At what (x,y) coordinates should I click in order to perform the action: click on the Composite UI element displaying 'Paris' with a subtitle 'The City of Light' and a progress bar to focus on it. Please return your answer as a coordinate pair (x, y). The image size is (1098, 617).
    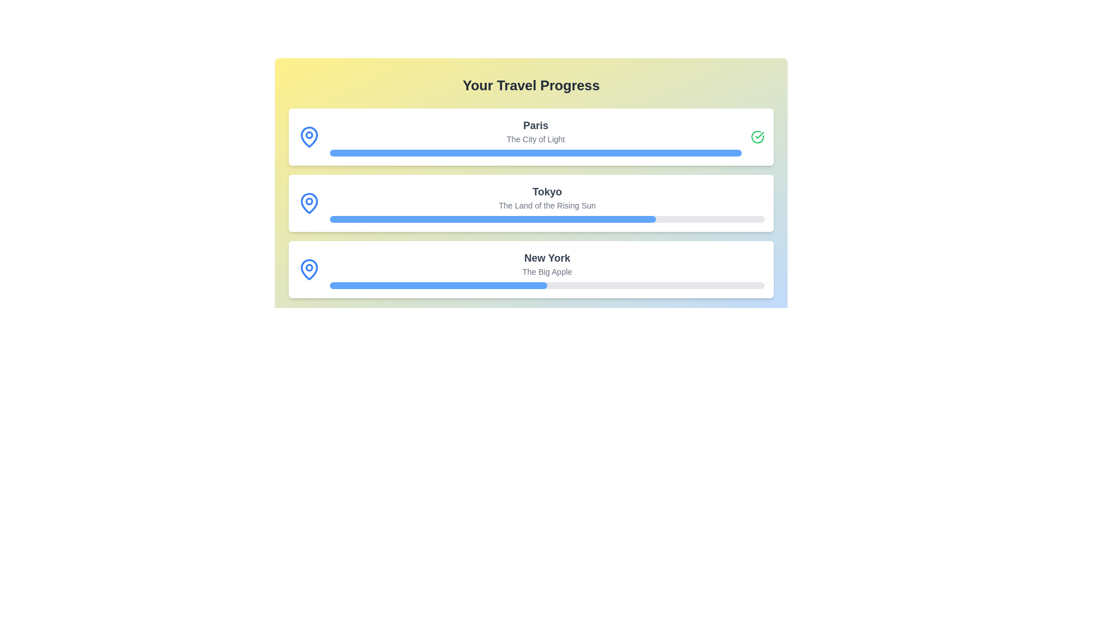
    Looking at the image, I should click on (535, 136).